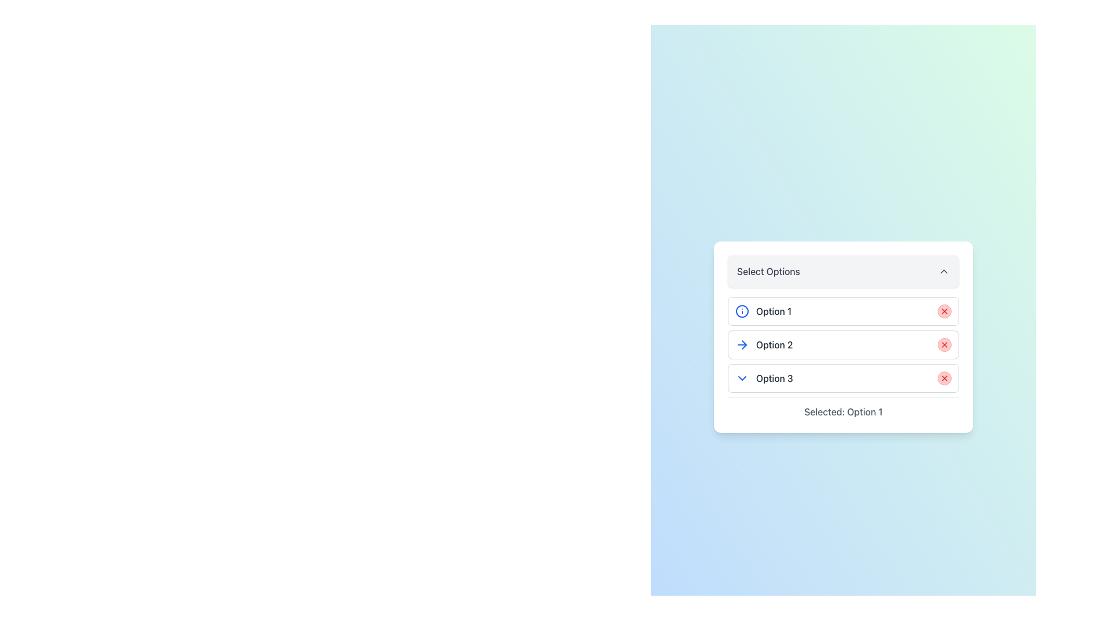 This screenshot has width=1110, height=624. I want to click on the text label that reads 'Selected: Option 1', which is styled with a medium font weight and gray color, located at the bottom of a structured list interface, so click(843, 407).